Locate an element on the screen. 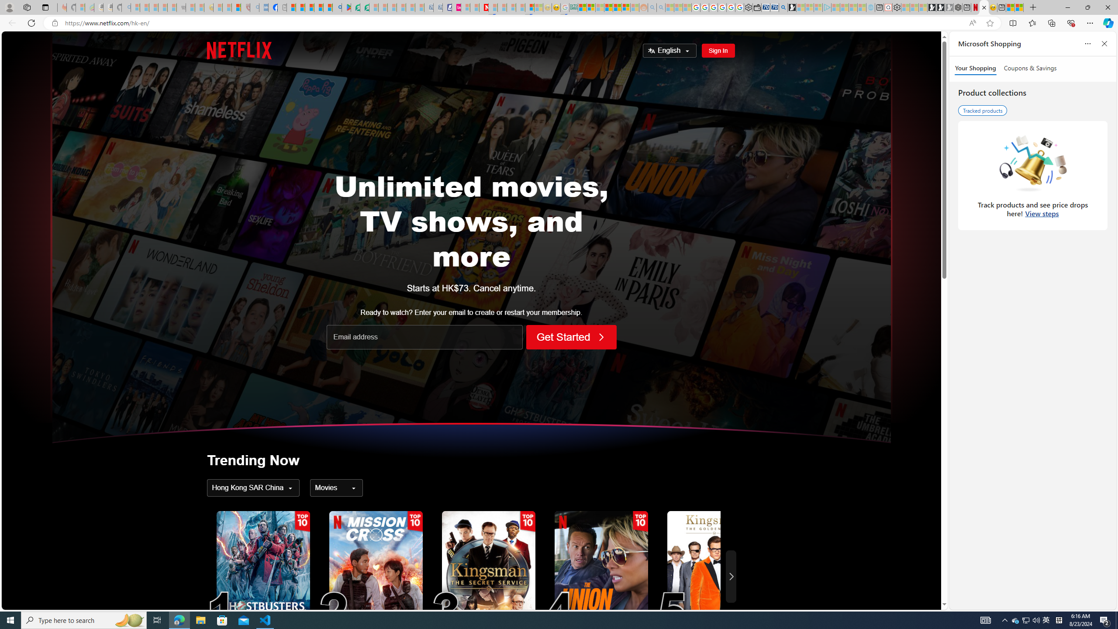 The width and height of the screenshot is (1118, 629). 'Terms of Use Agreement' is located at coordinates (355, 7).